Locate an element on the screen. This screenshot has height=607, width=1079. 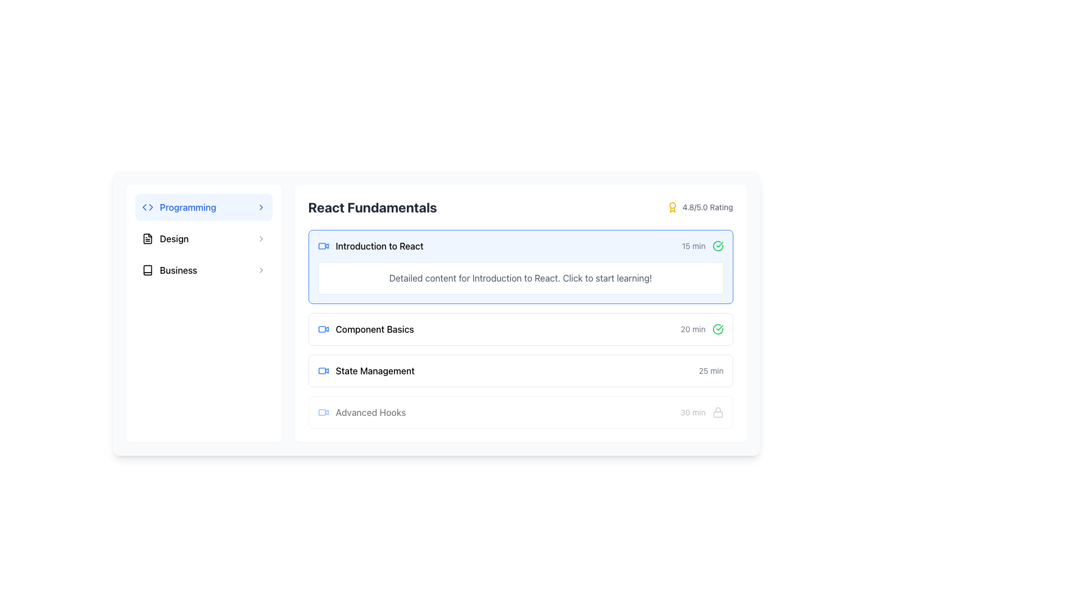
the text label 'Introduction to React' which is adjacent to a blue video icon is located at coordinates (370, 246).